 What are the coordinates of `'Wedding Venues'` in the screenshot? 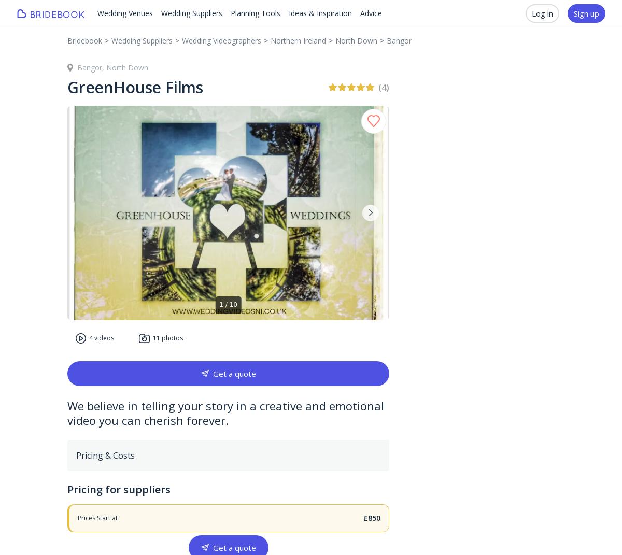 It's located at (124, 12).